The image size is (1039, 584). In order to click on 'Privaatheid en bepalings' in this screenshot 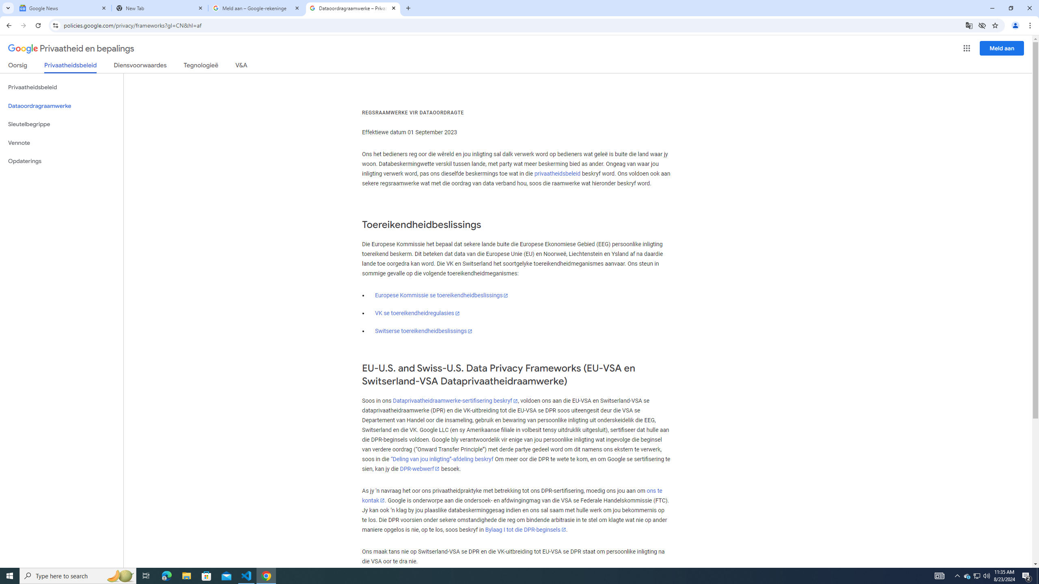, I will do `click(71, 48)`.